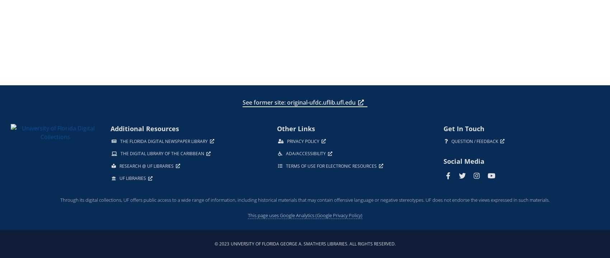 The image size is (610, 258). I want to click on '2023', so click(224, 243).